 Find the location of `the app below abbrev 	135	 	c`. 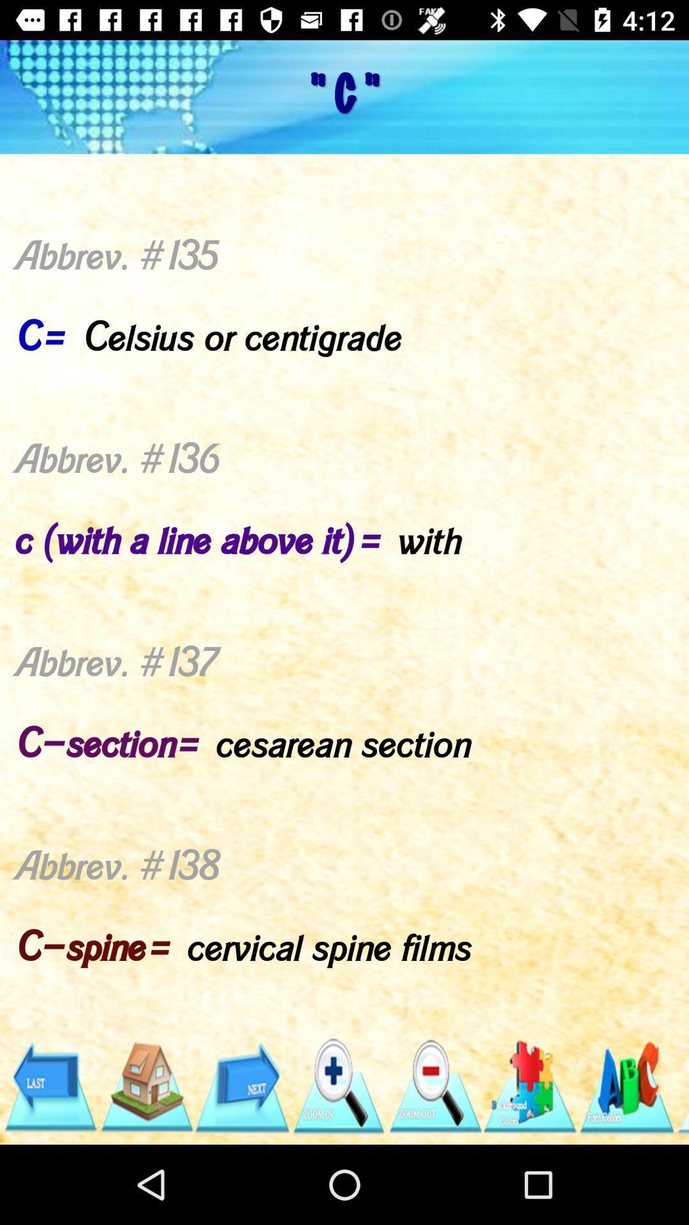

the app below abbrev 	135	 	c is located at coordinates (434, 1086).